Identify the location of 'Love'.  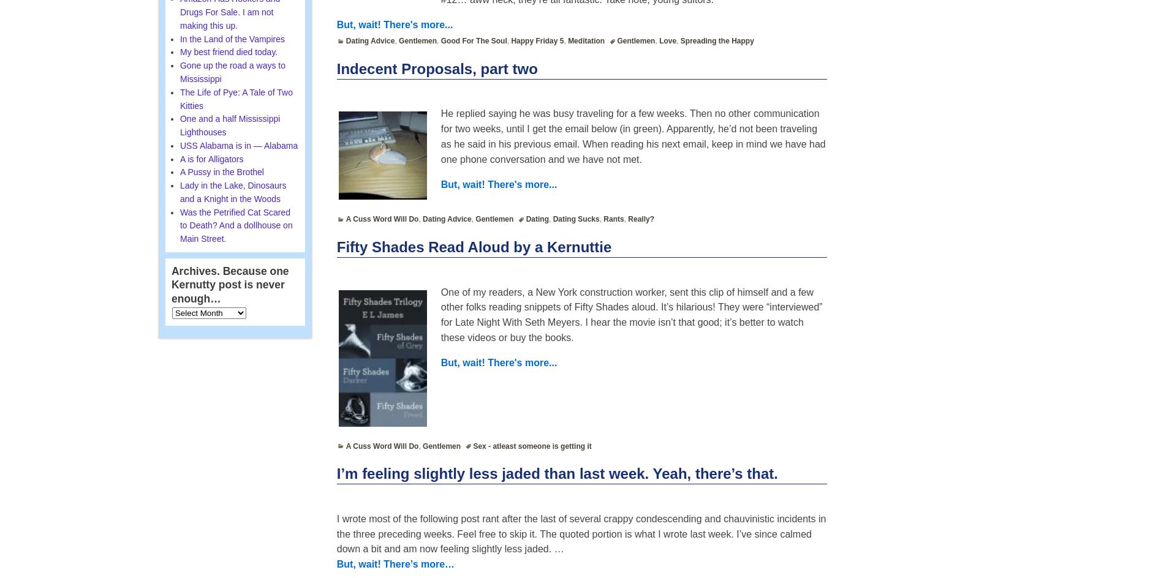
(659, 40).